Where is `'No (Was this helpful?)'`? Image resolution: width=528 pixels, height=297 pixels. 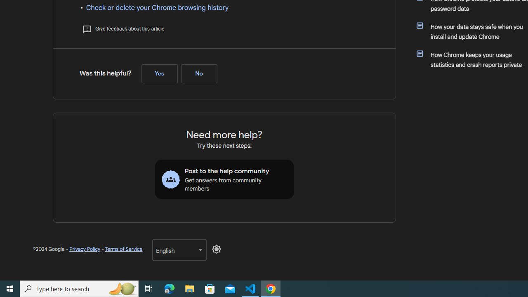 'No (Was this helpful?)' is located at coordinates (199, 73).